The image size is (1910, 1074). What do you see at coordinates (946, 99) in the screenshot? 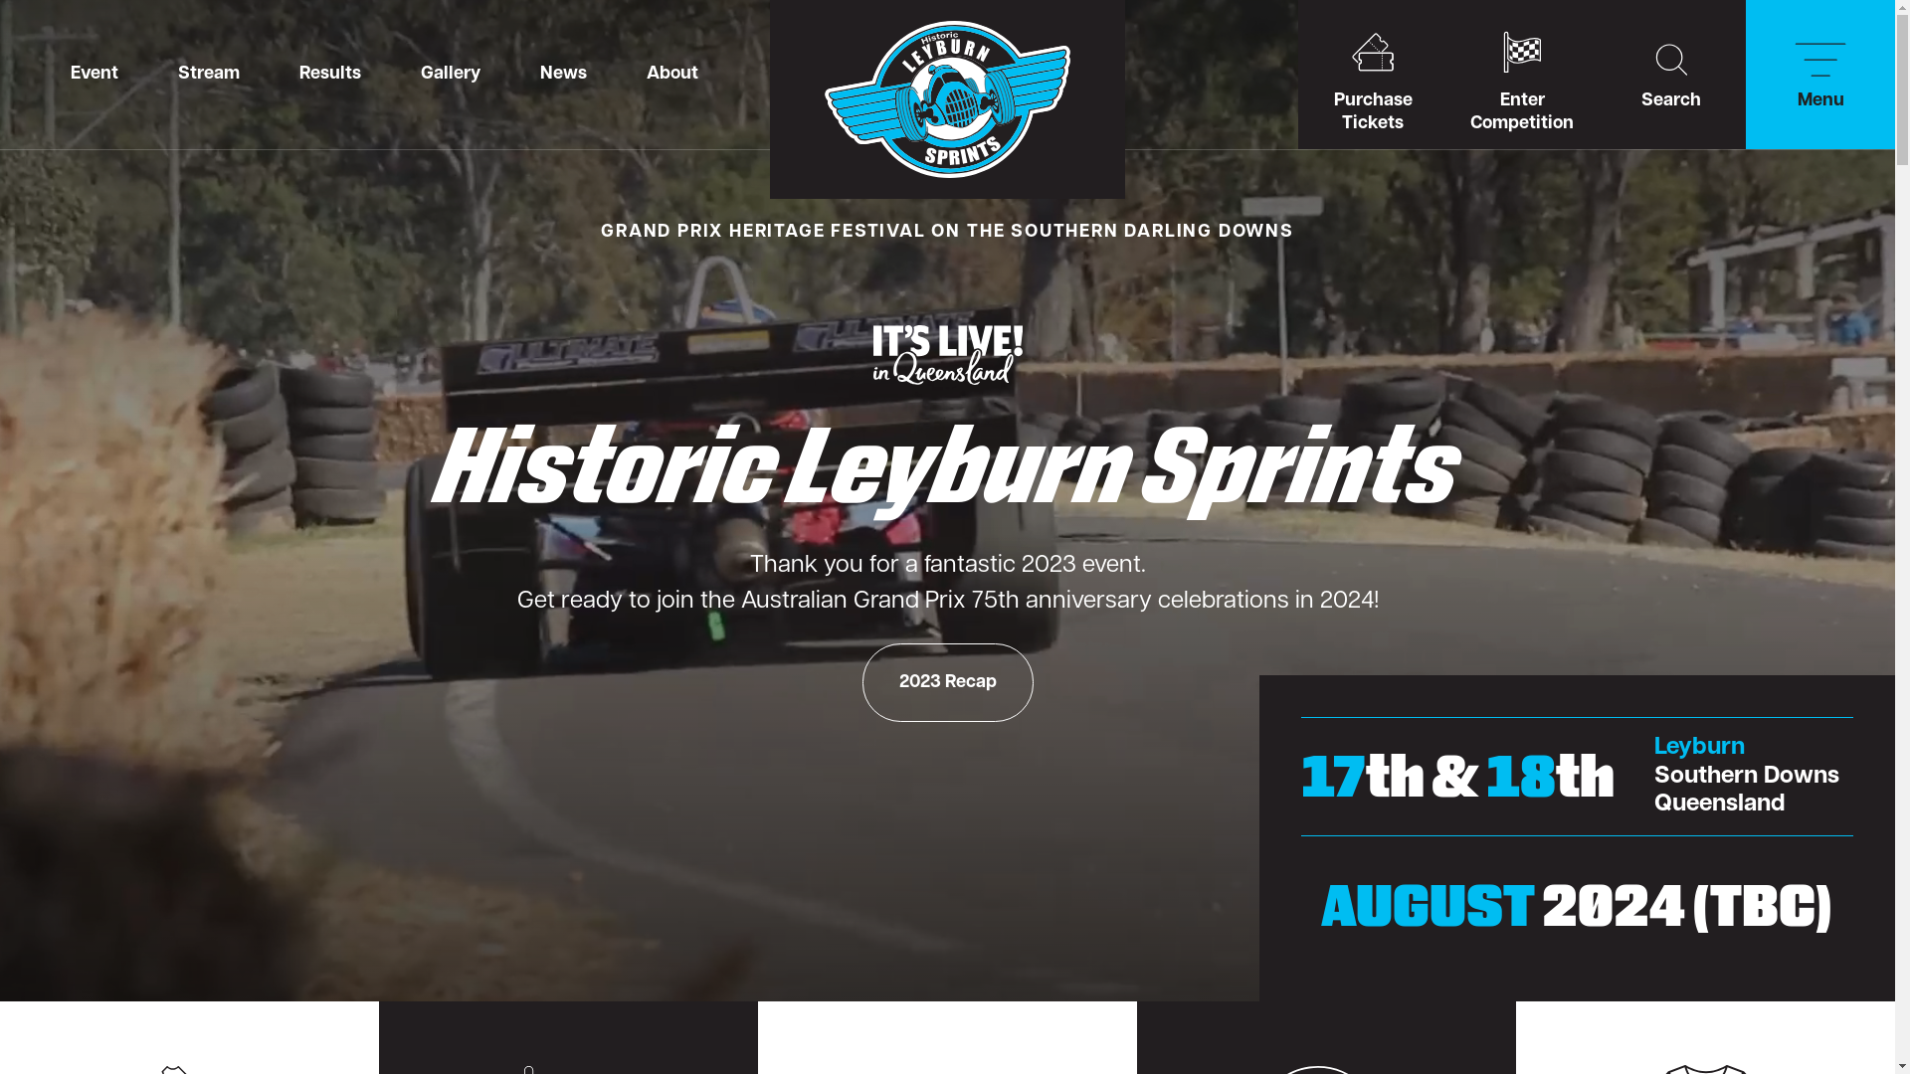
I see `'Leyburn Sprints'` at bounding box center [946, 99].